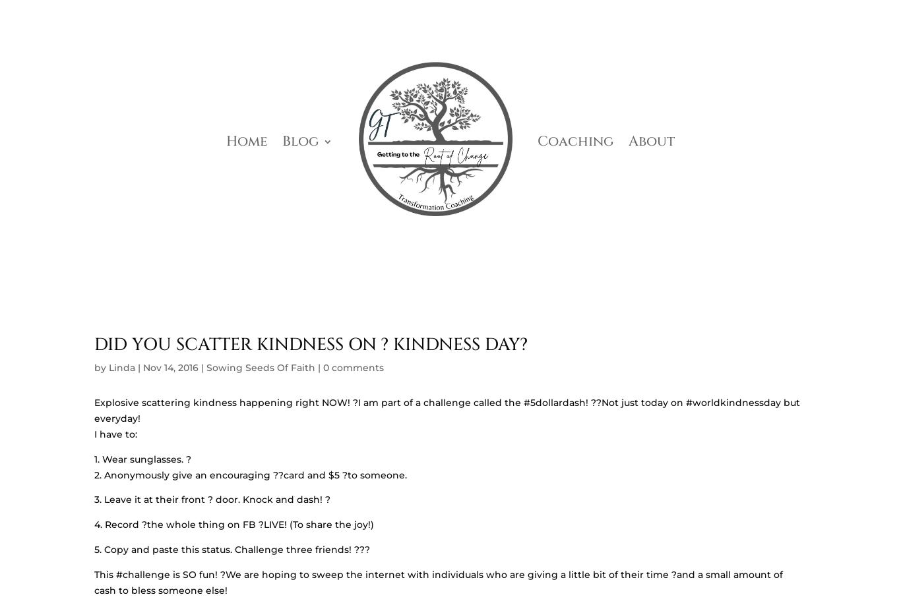 Image resolution: width=901 pixels, height=605 pixels. Describe the element at coordinates (260, 366) in the screenshot. I see `'Sowing Seeds Of Faith'` at that location.